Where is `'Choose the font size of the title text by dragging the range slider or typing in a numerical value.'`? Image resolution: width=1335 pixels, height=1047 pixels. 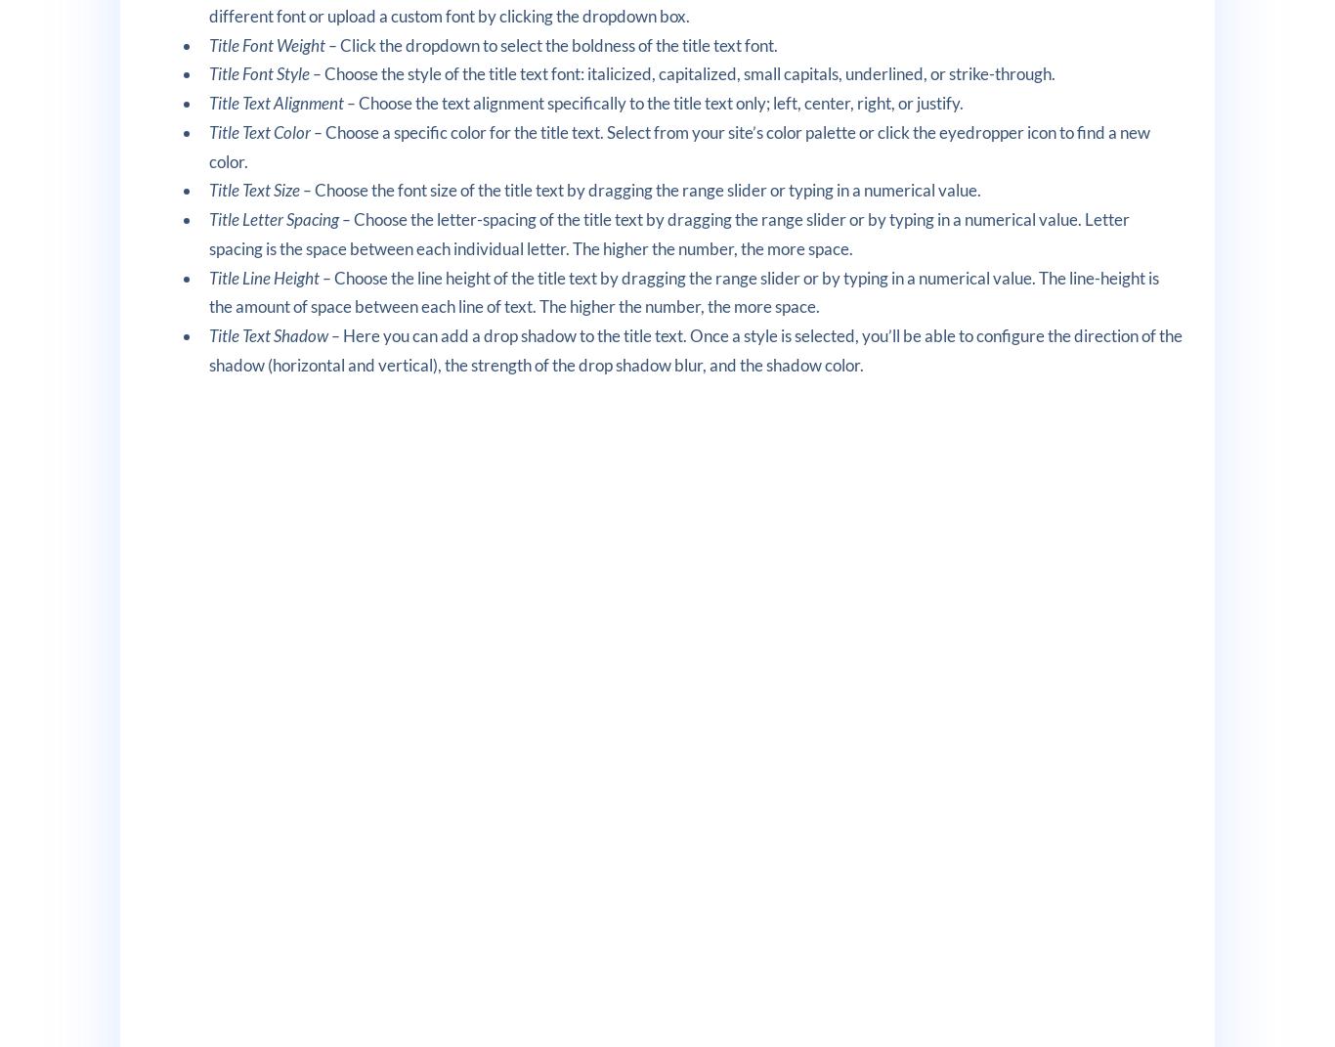 'Choose the font size of the title text by dragging the range slider or typing in a numerical value.' is located at coordinates (647, 189).